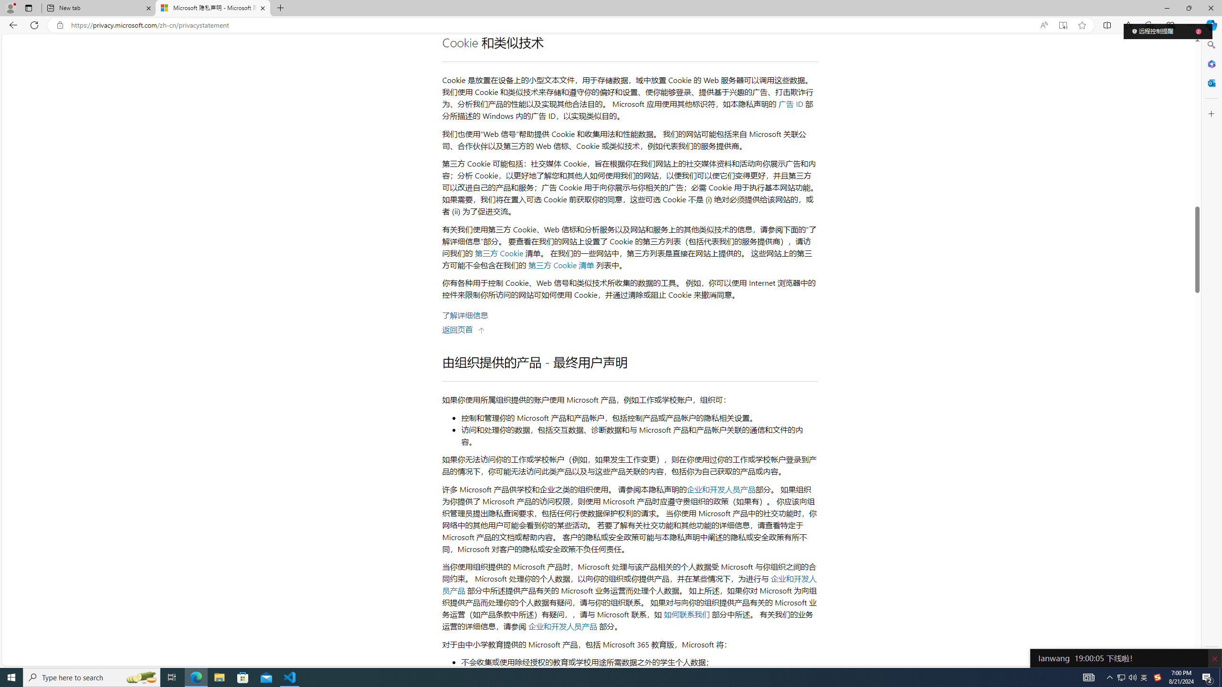 The width and height of the screenshot is (1222, 687). What do you see at coordinates (1063, 25) in the screenshot?
I see `'Enter Immersive Reader (F9)'` at bounding box center [1063, 25].